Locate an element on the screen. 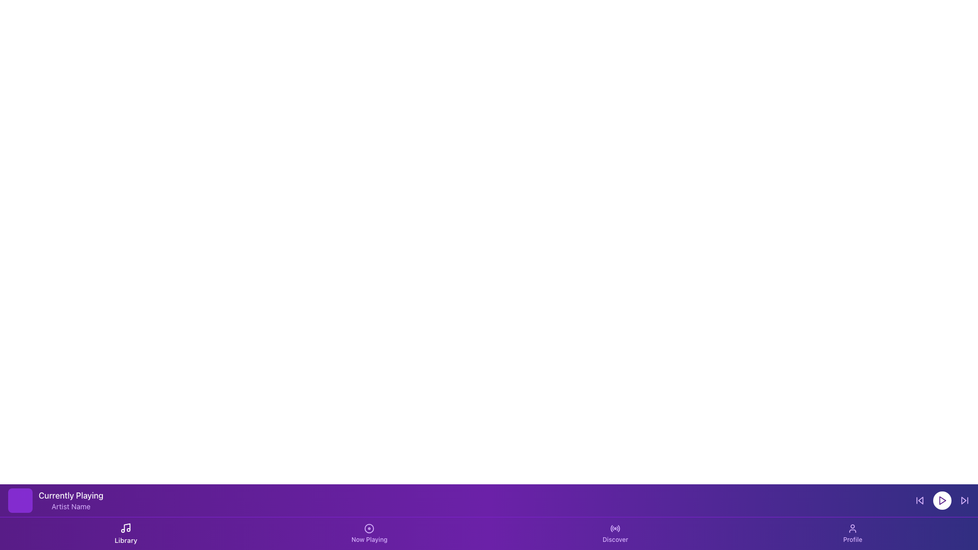 Image resolution: width=978 pixels, height=550 pixels. the music note icon located in the Library section of the bottom navigation bar is located at coordinates (125, 528).